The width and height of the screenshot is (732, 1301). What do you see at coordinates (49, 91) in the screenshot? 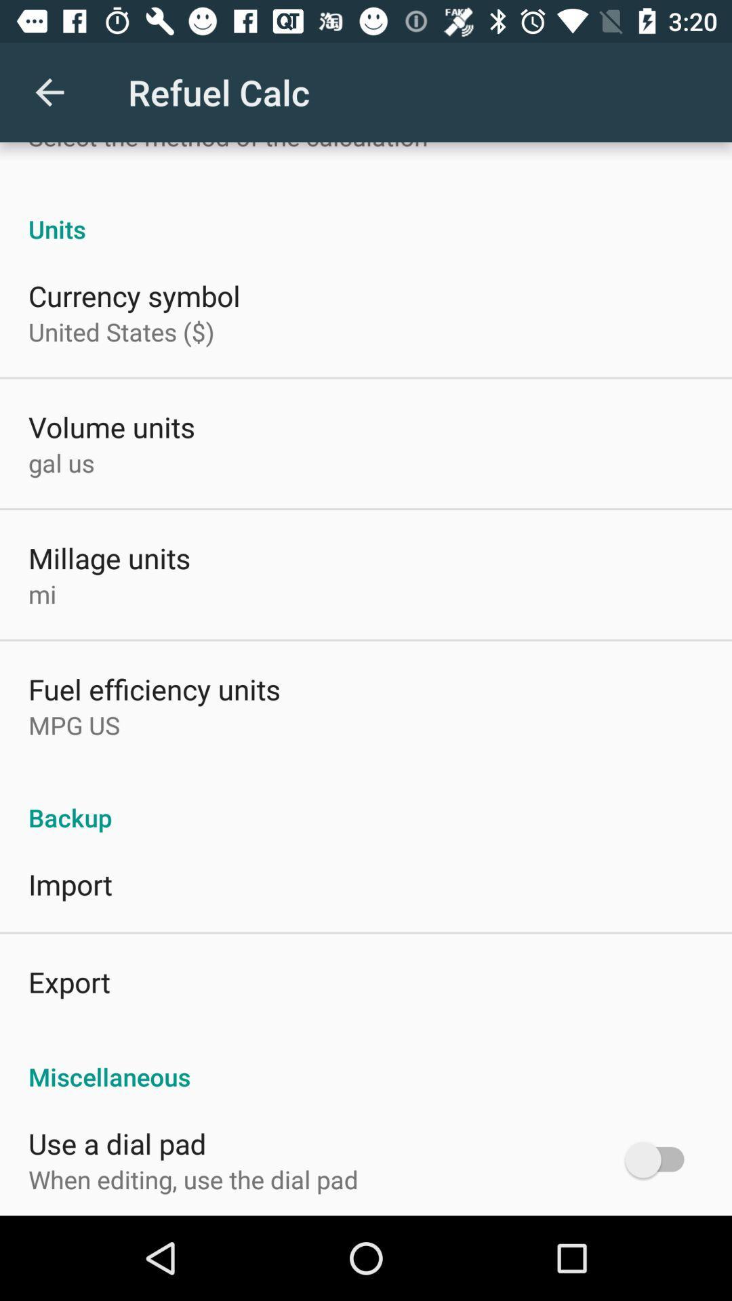
I see `app above the select the method` at bounding box center [49, 91].